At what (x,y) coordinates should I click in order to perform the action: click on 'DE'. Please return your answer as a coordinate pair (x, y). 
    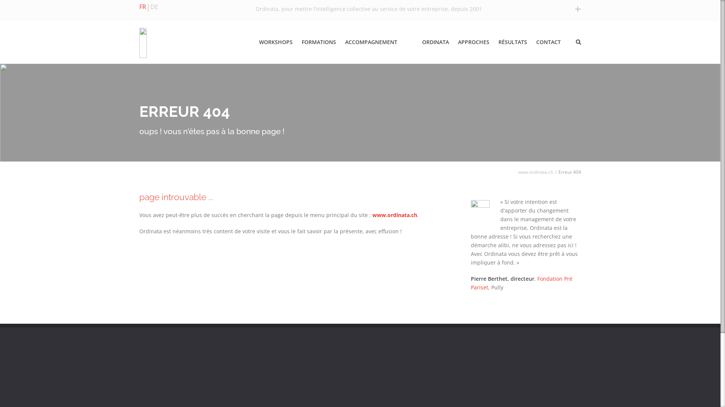
    Looking at the image, I should click on (154, 7).